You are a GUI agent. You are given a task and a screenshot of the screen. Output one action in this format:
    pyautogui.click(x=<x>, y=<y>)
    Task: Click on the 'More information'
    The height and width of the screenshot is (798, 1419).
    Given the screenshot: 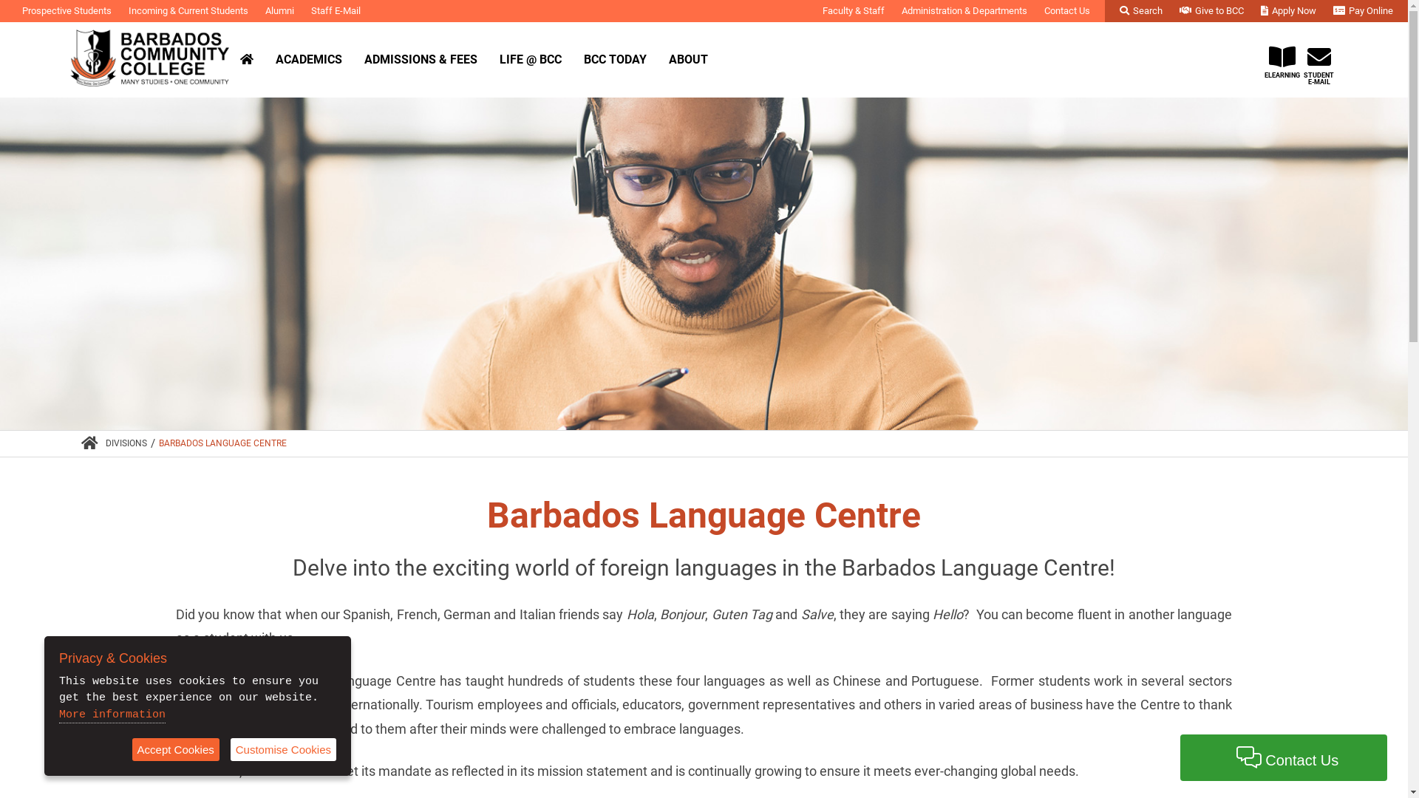 What is the action you would take?
    pyautogui.click(x=112, y=715)
    